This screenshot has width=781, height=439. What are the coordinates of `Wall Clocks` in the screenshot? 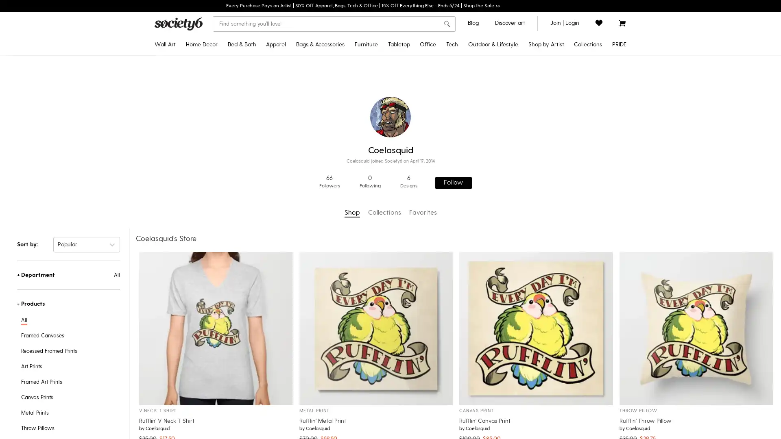 It's located at (217, 156).